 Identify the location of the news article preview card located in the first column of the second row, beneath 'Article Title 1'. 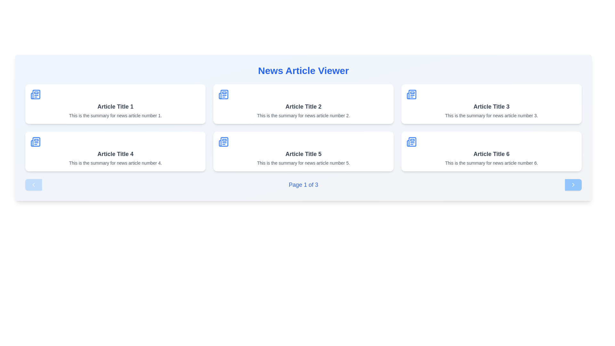
(115, 152).